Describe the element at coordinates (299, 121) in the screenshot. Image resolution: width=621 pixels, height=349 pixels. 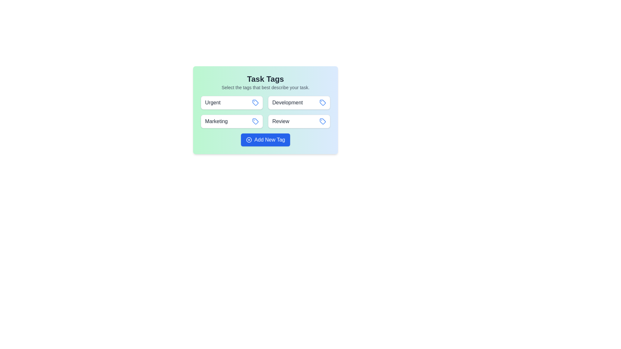
I see `the tag labeled Review` at that location.